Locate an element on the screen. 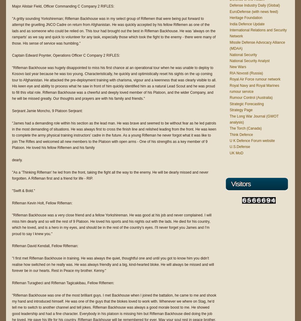 Image resolution: width=301 pixels, height=321 pixels. '"As a 'Thinking Rifleman' he led from the front, taking the fight all the way to the enemy. He will be dearly missed and never forgotten. A Rifleman first and a friend for life - RIP.' is located at coordinates (110, 175).